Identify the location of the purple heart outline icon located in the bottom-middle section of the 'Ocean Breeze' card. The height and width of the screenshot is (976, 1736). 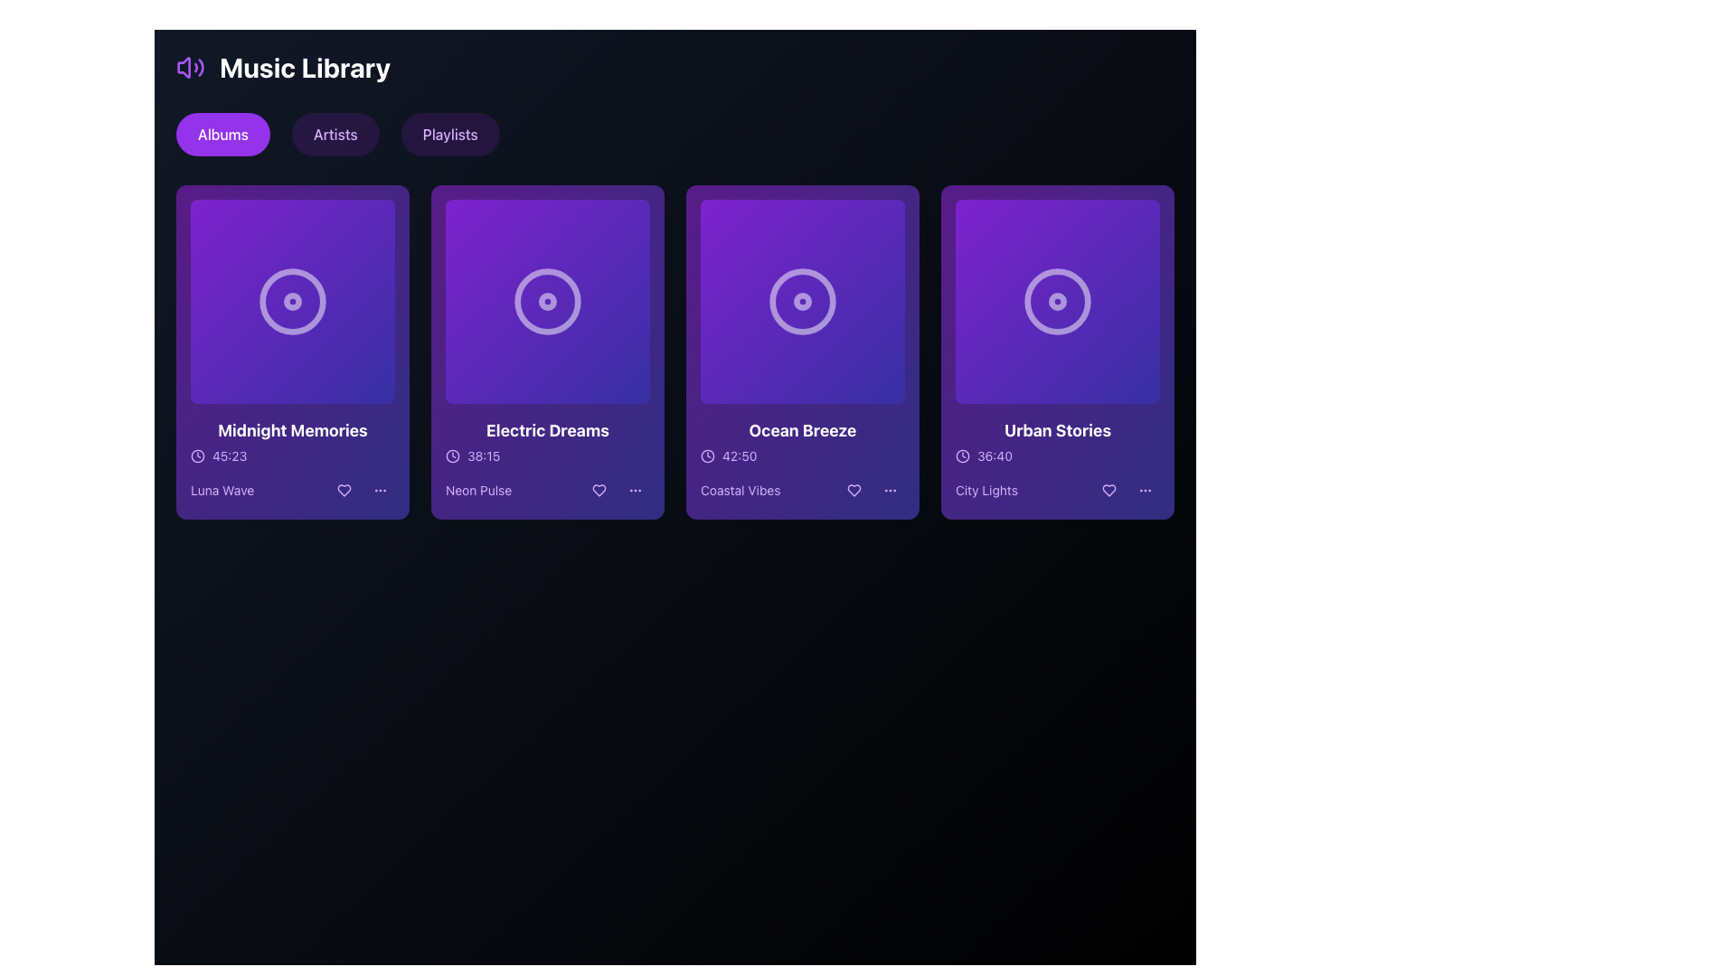
(854, 491).